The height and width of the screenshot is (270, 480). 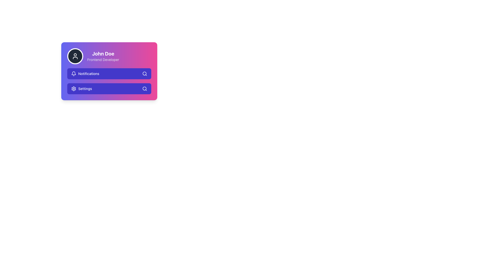 I want to click on the SVG circle element that is part of the magnifying glass icon located near the top-right corner of the 'Notifications' button, so click(x=144, y=73).